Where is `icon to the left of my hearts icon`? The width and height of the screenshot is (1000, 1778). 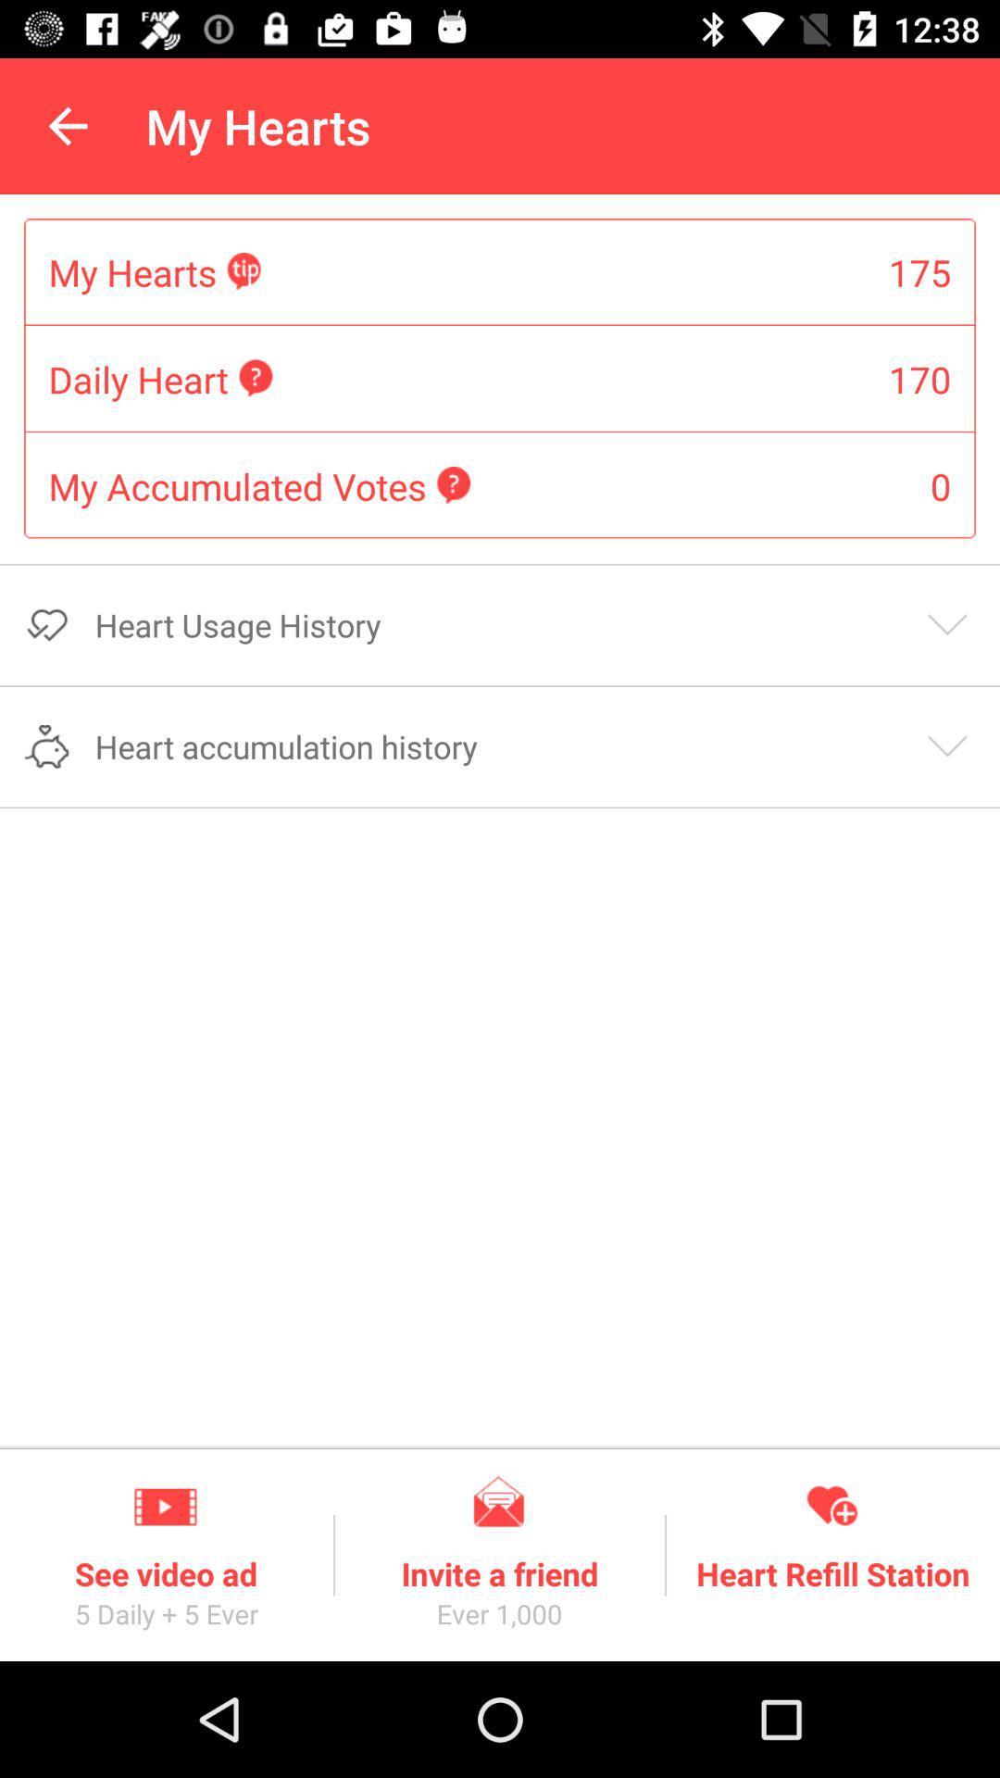 icon to the left of my hearts icon is located at coordinates (67, 125).